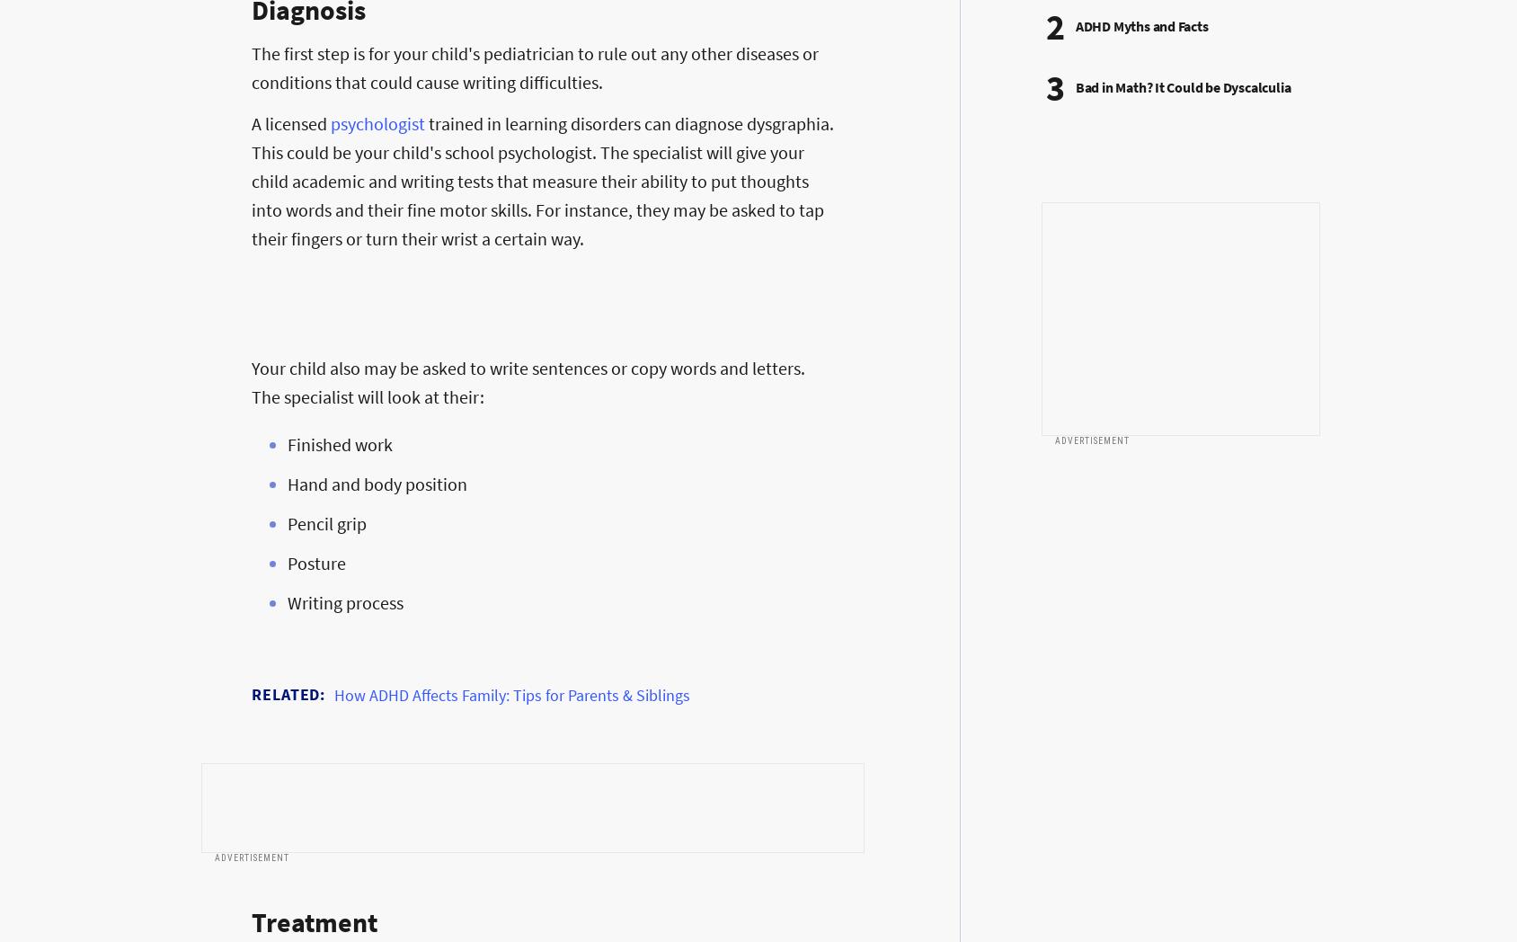 Image resolution: width=1517 pixels, height=942 pixels. Describe the element at coordinates (251, 382) in the screenshot. I see `'Your child also may be asked to write sentences or copy words and letters. The specialist will look at their:'` at that location.